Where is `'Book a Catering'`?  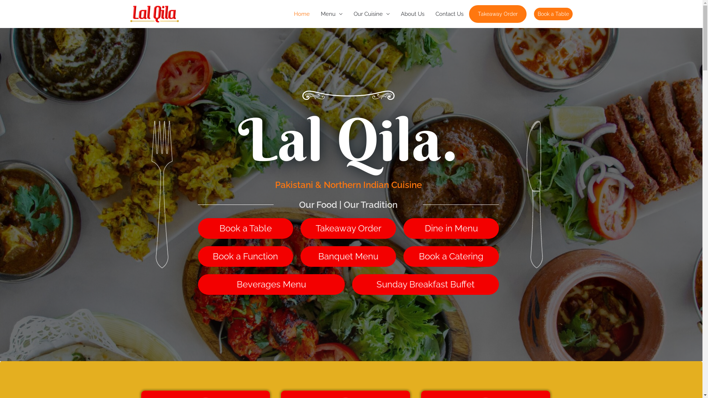 'Book a Catering' is located at coordinates (451, 256).